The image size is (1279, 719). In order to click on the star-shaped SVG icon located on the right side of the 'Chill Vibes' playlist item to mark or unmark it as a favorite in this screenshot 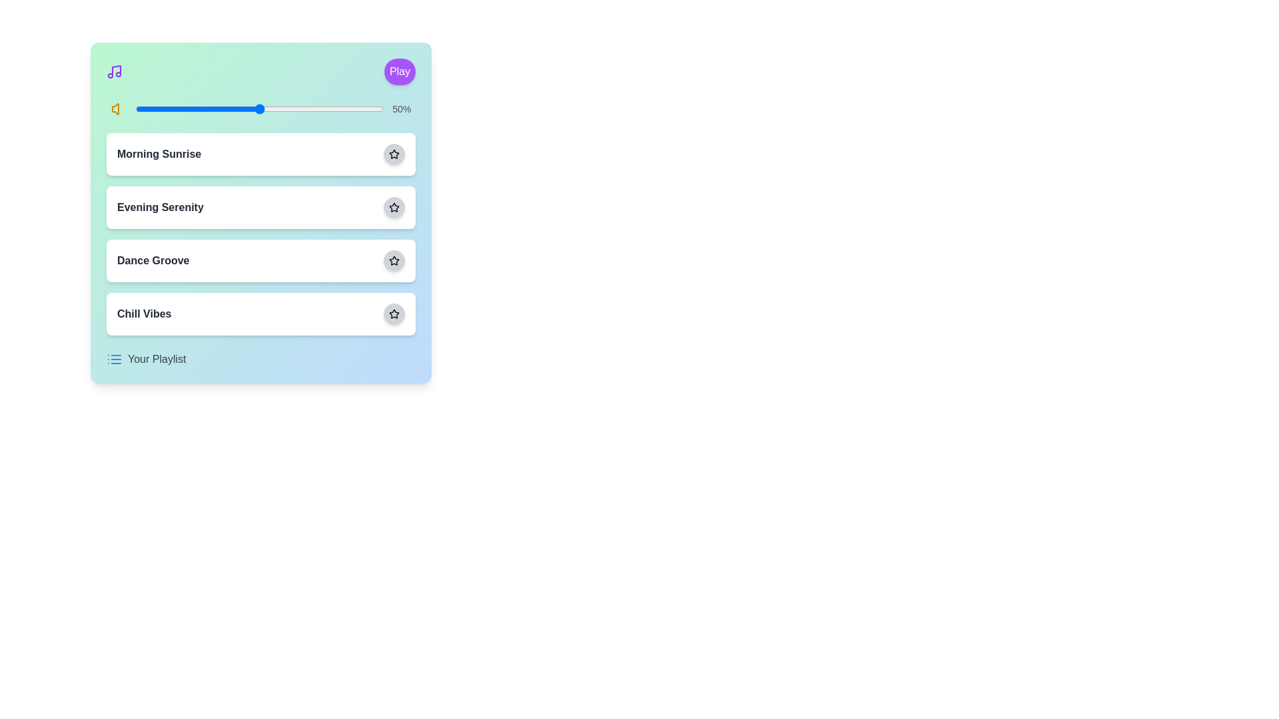, I will do `click(393, 314)`.